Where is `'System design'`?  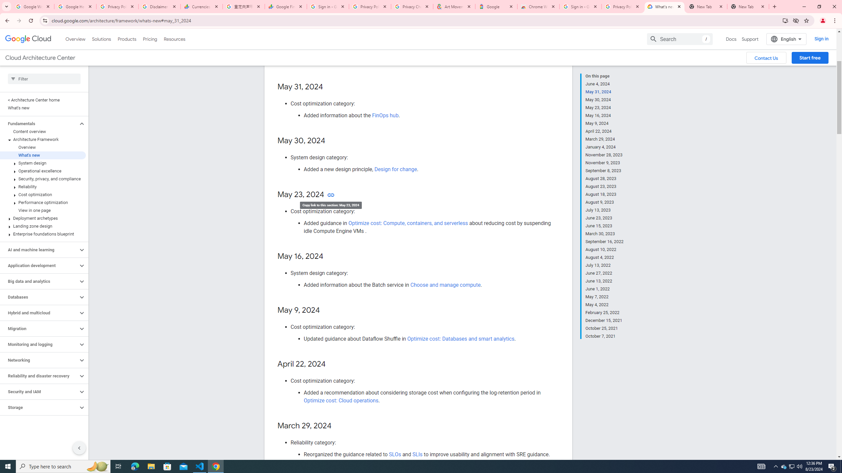
'System design' is located at coordinates (43, 163).